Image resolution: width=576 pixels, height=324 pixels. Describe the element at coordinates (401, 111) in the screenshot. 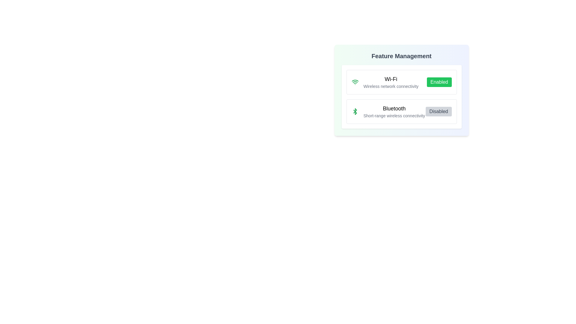

I see `the feature Bluetooth to view the hover effect` at that location.